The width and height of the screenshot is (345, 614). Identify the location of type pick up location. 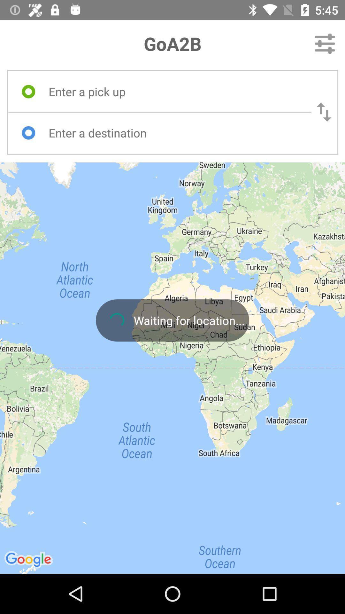
(174, 91).